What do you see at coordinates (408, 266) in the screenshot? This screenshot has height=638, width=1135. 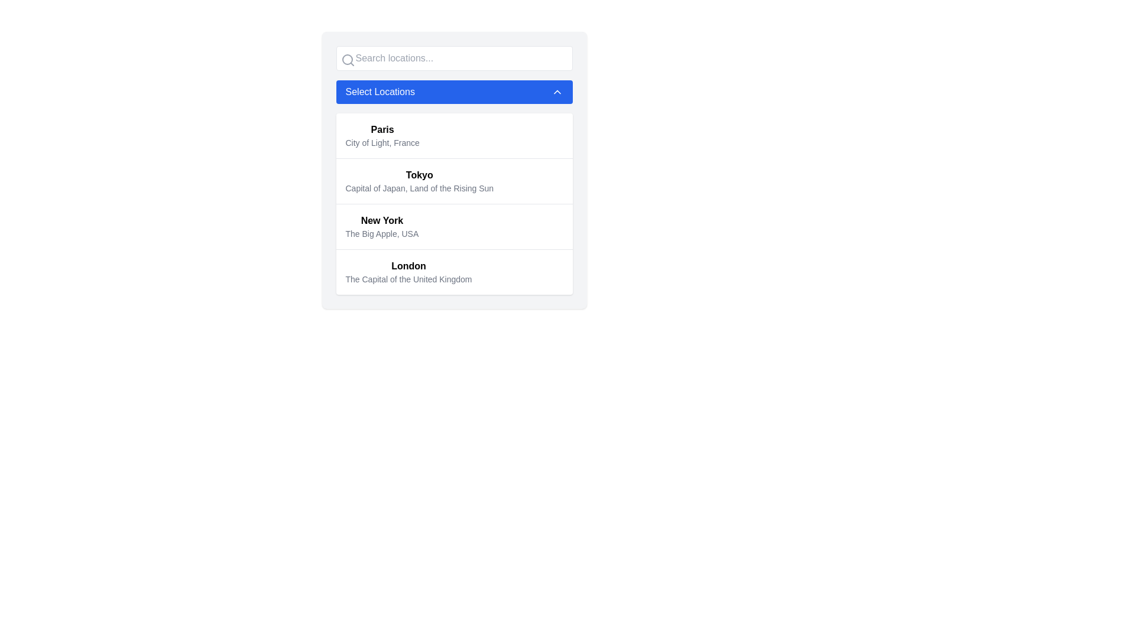 I see `text displayed in the title label for the location 'London', which is positioned under the 'New York' list item` at bounding box center [408, 266].